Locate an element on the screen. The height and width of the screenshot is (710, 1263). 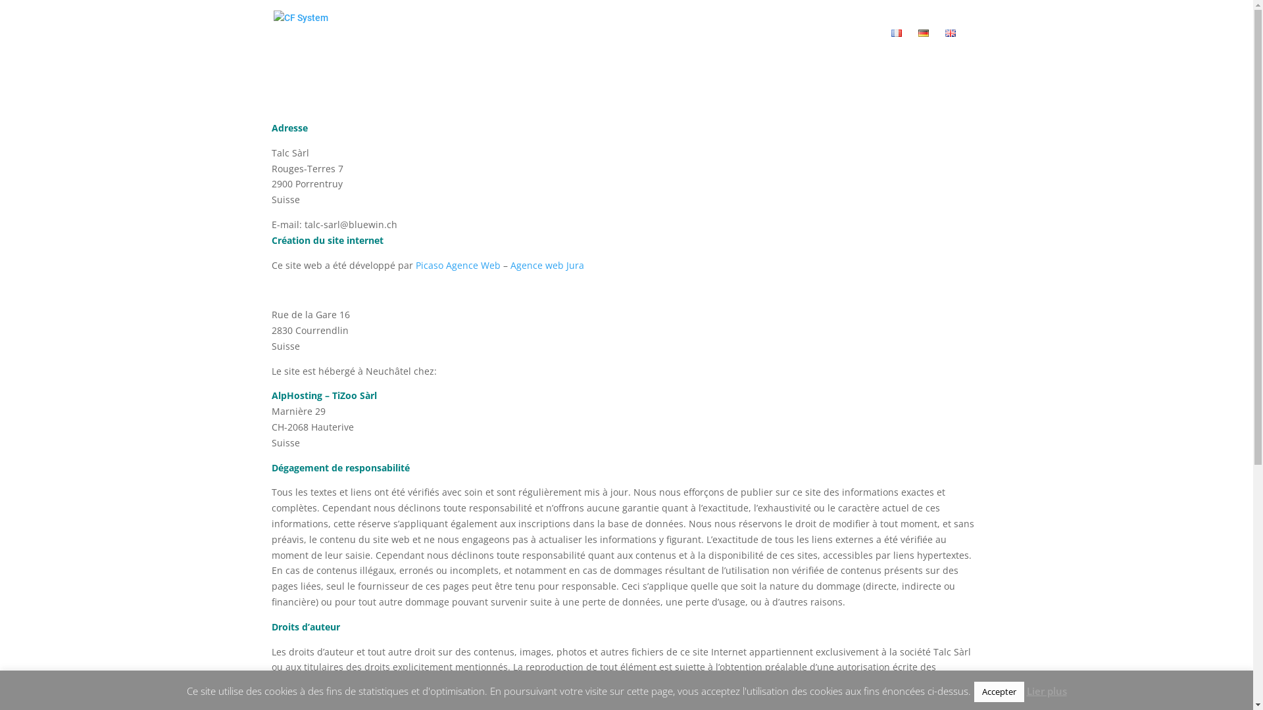
'Picaso Agence Web' is located at coordinates (415, 265).